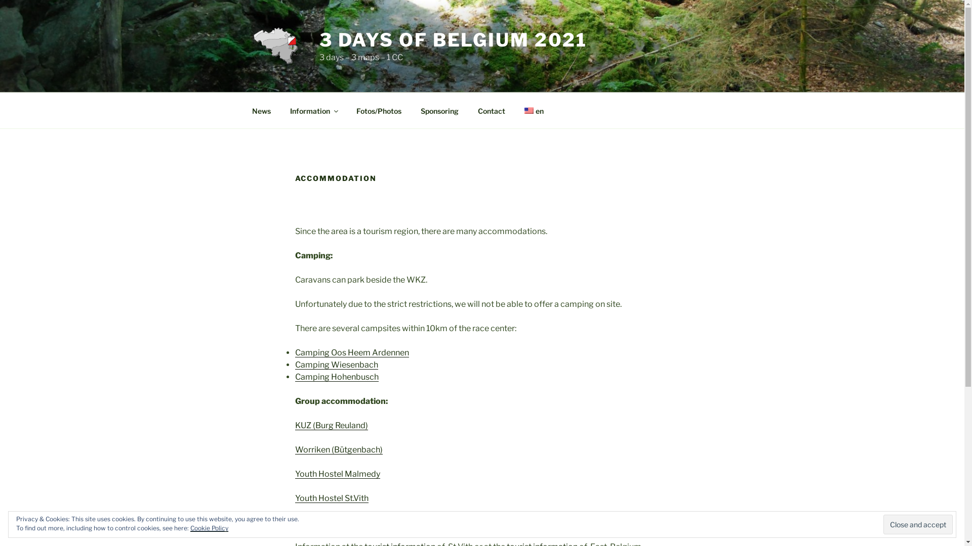 The height and width of the screenshot is (546, 972). What do you see at coordinates (313, 110) in the screenshot?
I see `'Information'` at bounding box center [313, 110].